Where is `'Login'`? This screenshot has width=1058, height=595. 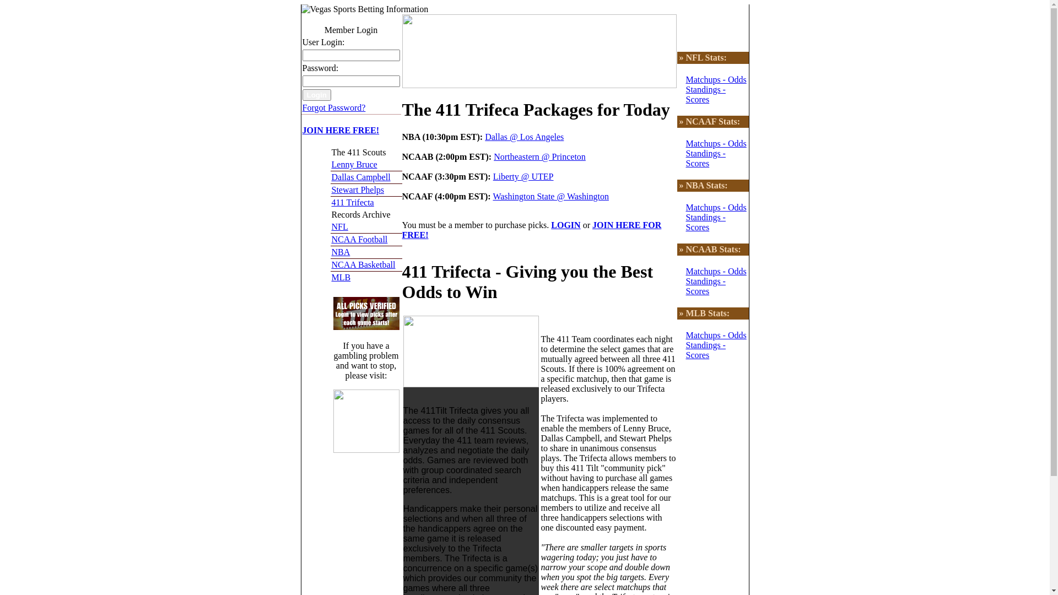 'Login' is located at coordinates (301, 94).